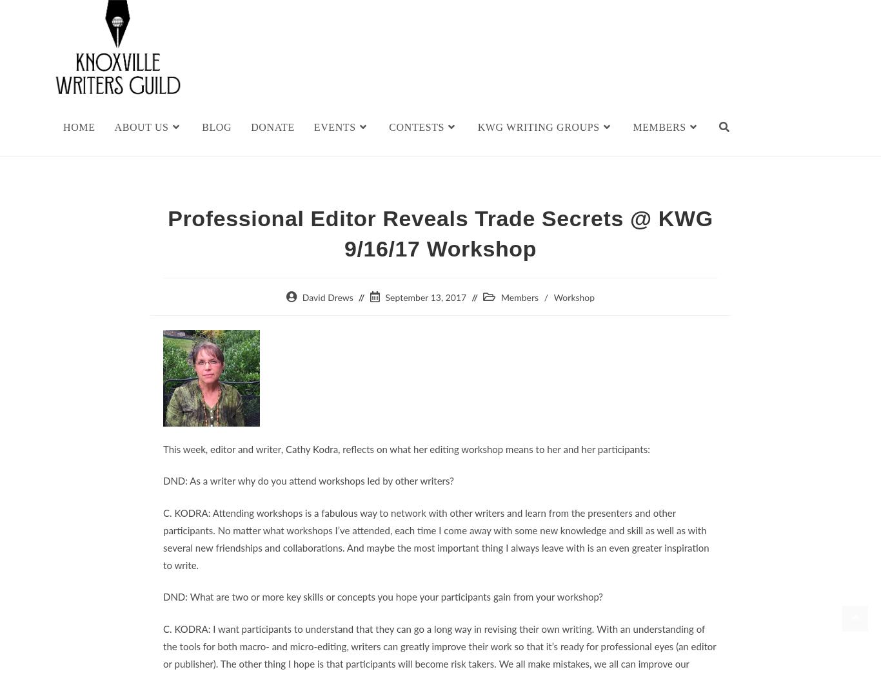 The image size is (881, 676). Describe the element at coordinates (573, 297) in the screenshot. I see `'Workshop'` at that location.